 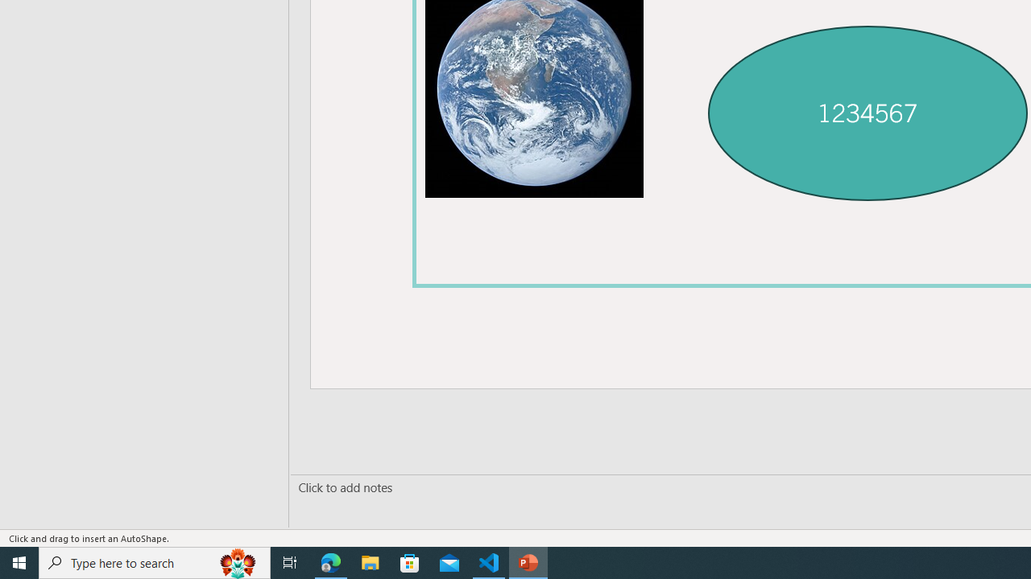 What do you see at coordinates (330, 561) in the screenshot?
I see `'Microsoft Edge - 1 running window'` at bounding box center [330, 561].